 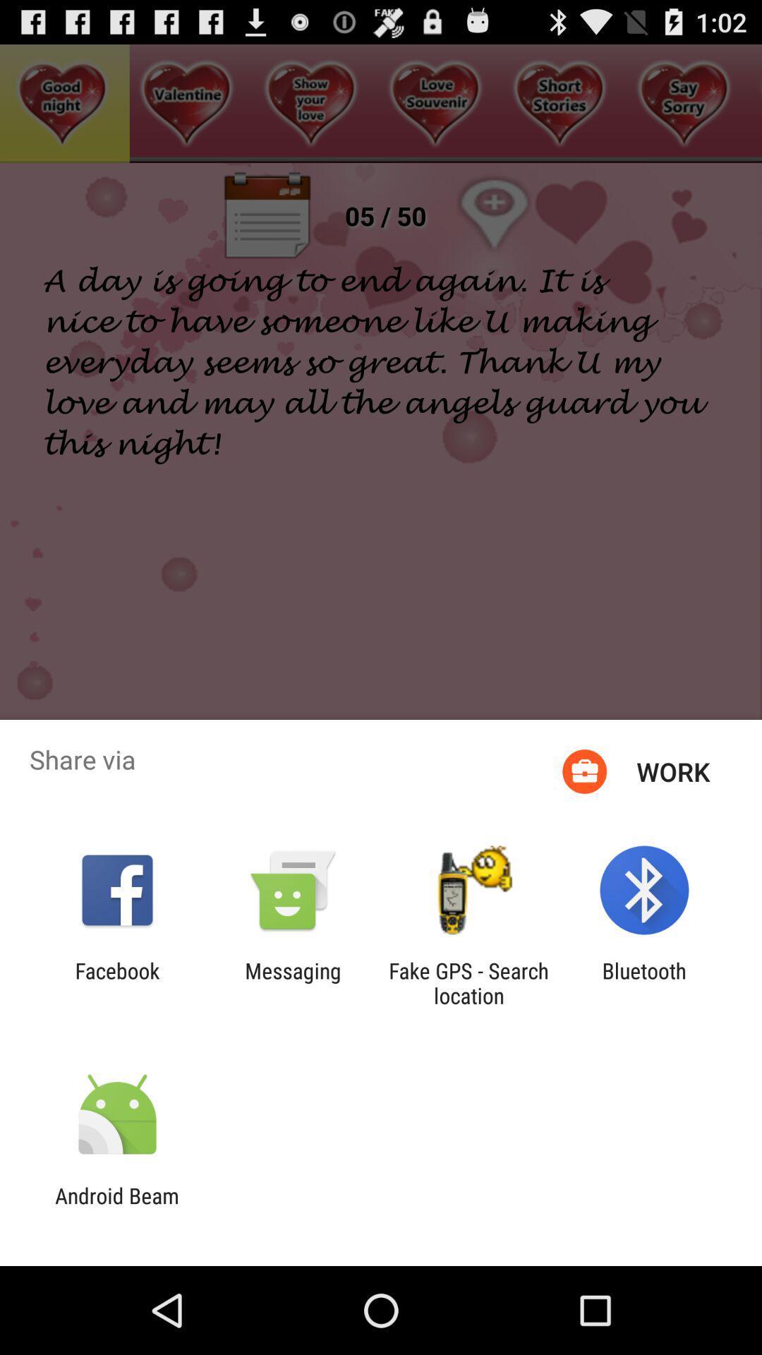 What do you see at coordinates (468, 982) in the screenshot?
I see `the icon next to the bluetooth icon` at bounding box center [468, 982].